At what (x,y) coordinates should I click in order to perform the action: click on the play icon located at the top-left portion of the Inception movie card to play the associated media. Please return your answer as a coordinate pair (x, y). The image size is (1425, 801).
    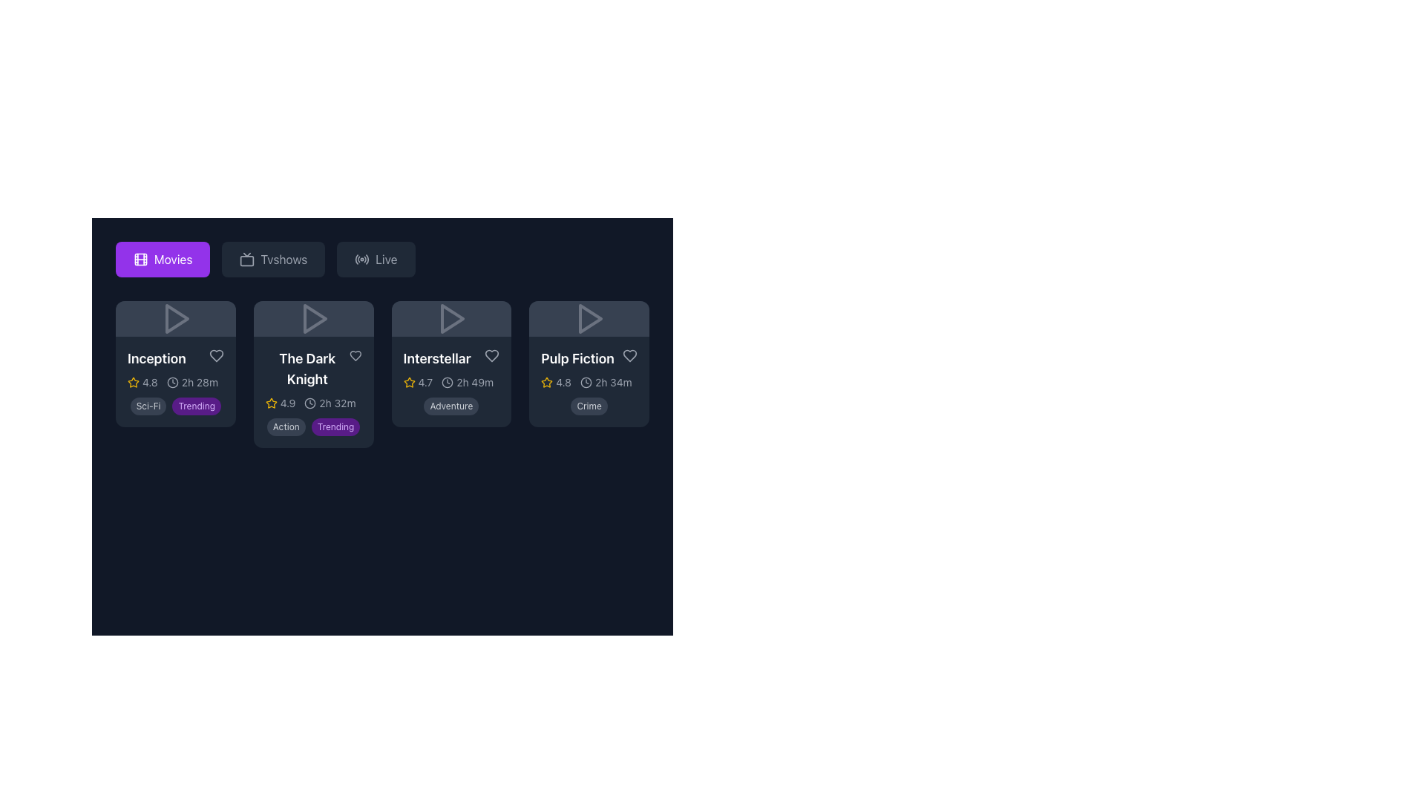
    Looking at the image, I should click on (175, 317).